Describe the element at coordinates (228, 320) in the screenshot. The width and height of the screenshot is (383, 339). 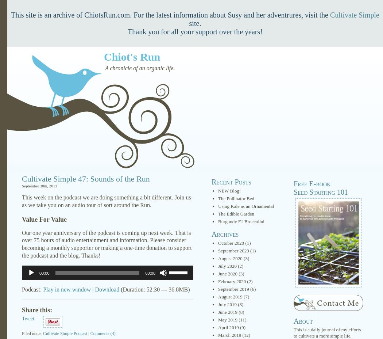
I see `'May 2019'` at that location.